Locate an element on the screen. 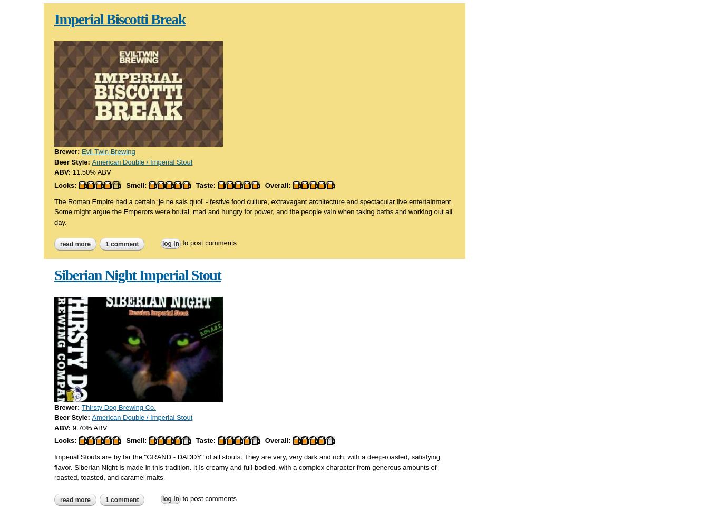 The image size is (720, 510). 'Imperial Stouts are by far the "GRAND - DADDY" of all stouts. They are very, very dark and rich, with a deep-roasted, satisfying flavor. Siberian Night is made in this tradition. It is creamy and full-bodied, with a complex character from generous amounts of roasted, toasted, and caramel malts.' is located at coordinates (247, 466).